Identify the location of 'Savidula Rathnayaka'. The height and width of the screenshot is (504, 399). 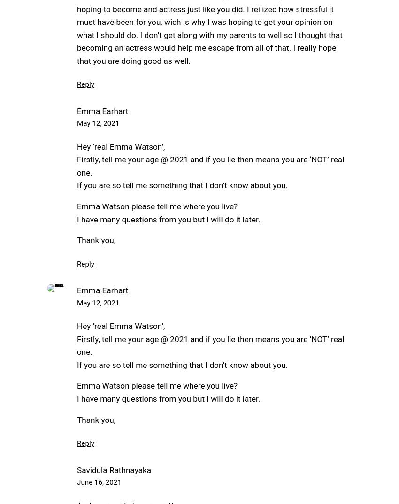
(114, 469).